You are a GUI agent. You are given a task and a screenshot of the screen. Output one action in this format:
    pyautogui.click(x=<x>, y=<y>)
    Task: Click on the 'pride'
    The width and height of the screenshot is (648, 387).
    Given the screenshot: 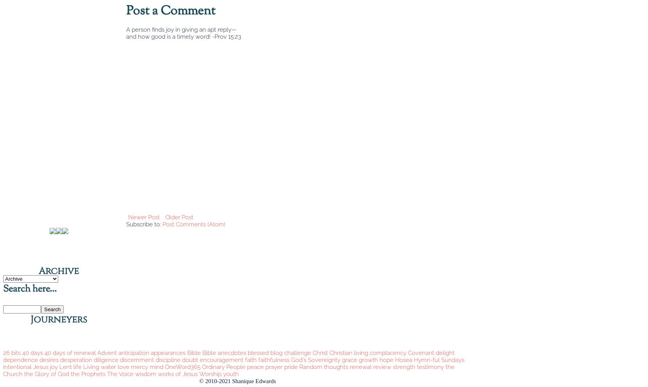 What is the action you would take?
    pyautogui.click(x=291, y=367)
    